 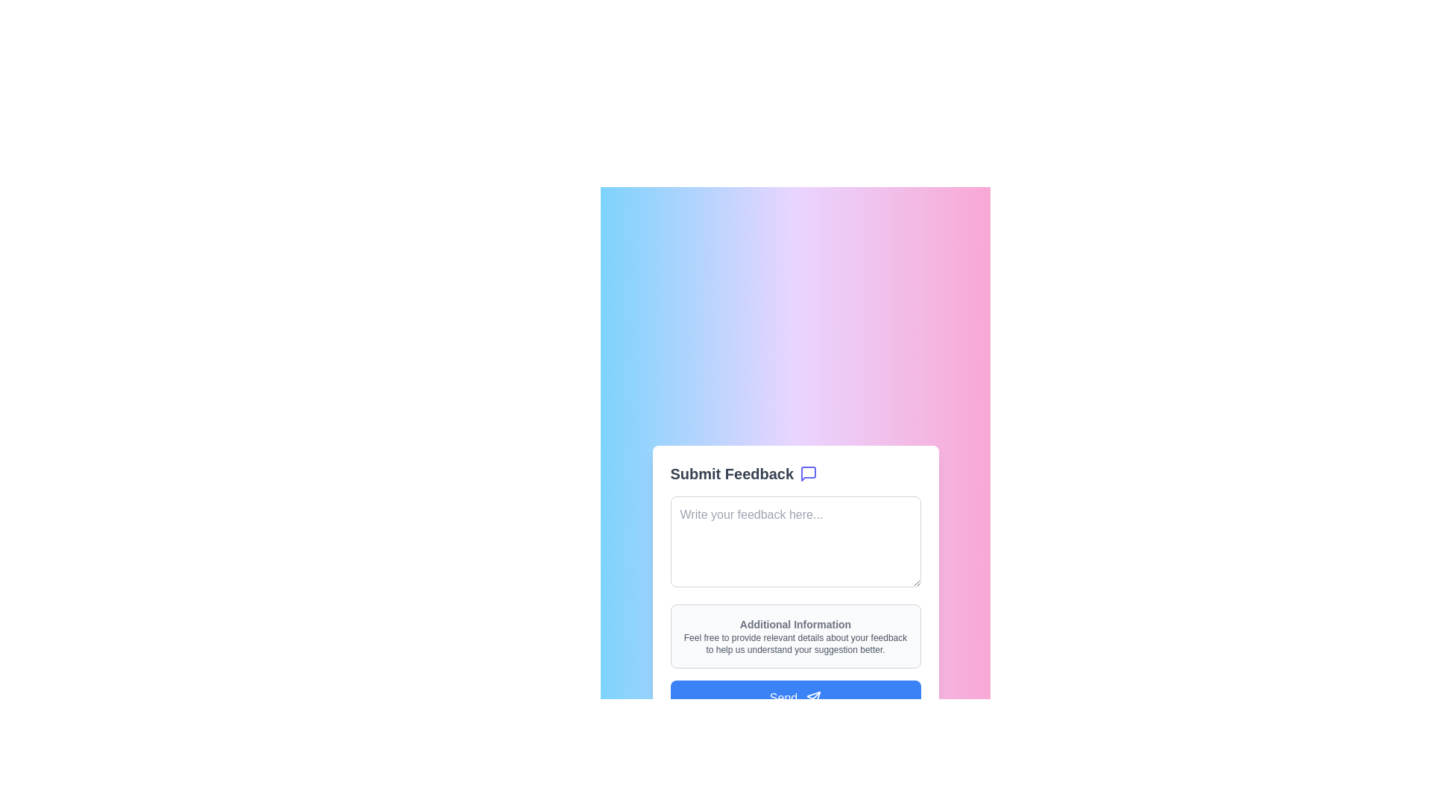 What do you see at coordinates (795, 643) in the screenshot?
I see `guidance text that is styled in small gray font and reads: 'Feel free to provide relevant details about your feedback to help us understand your suggestion better.', located beneath the 'Additional Information' header in a rounded rectangular section` at bounding box center [795, 643].